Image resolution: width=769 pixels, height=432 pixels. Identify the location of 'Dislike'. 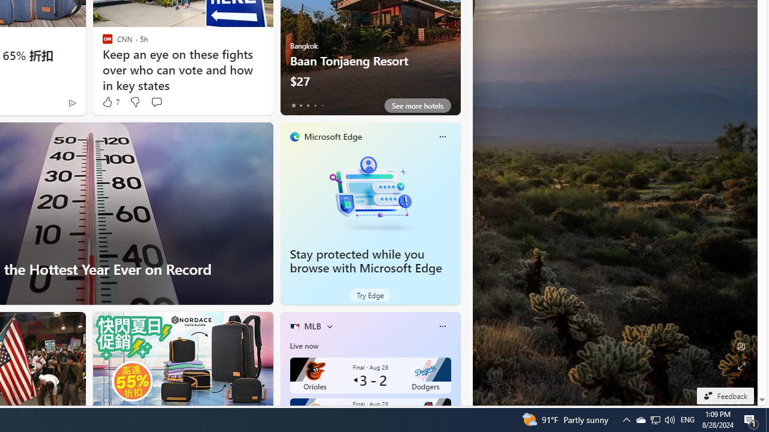
(135, 101).